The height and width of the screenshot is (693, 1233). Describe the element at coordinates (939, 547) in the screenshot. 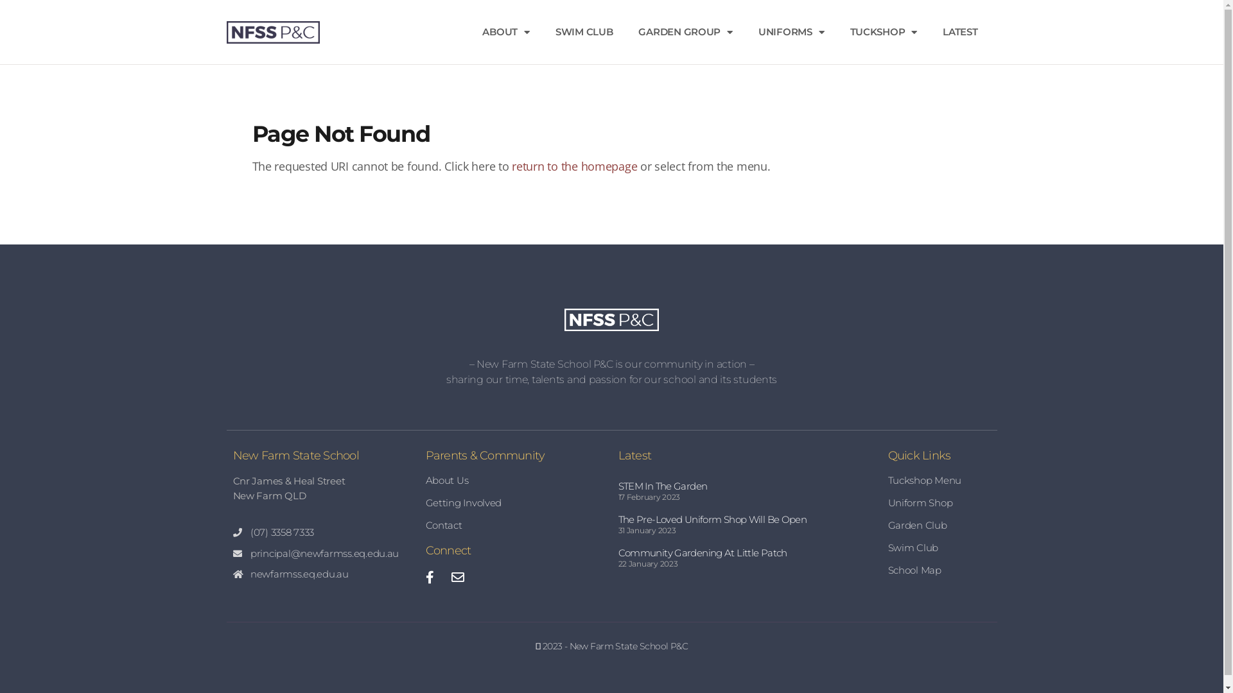

I see `'Swim Club'` at that location.